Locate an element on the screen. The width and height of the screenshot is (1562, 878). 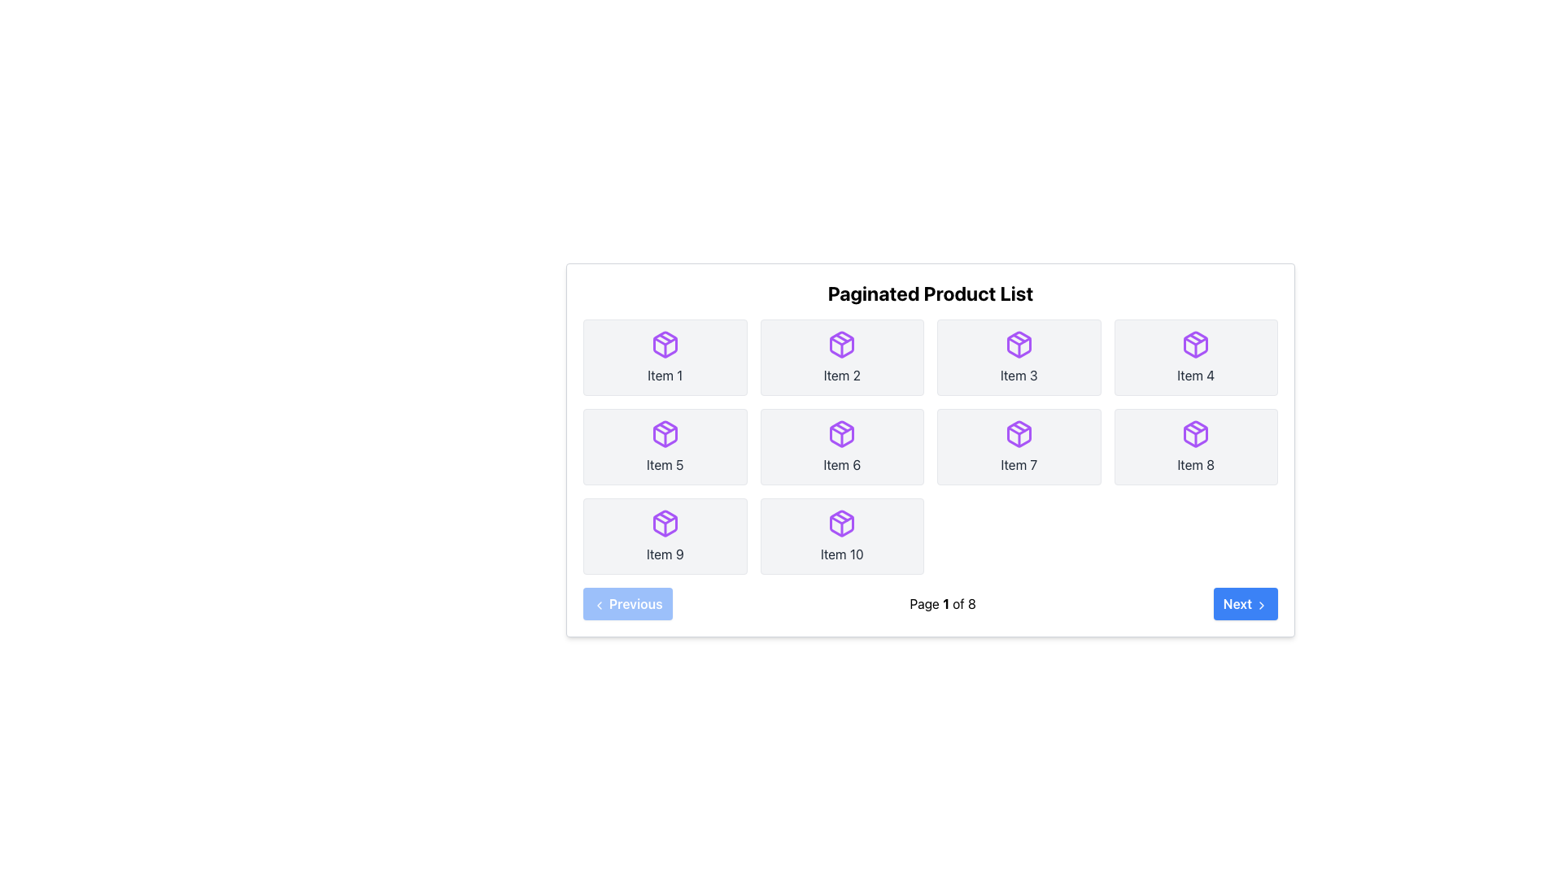
the static icon representing the first product in the paginated product list, located at the top-left corner of the grid above the text label 'Item 1' is located at coordinates (665, 344).